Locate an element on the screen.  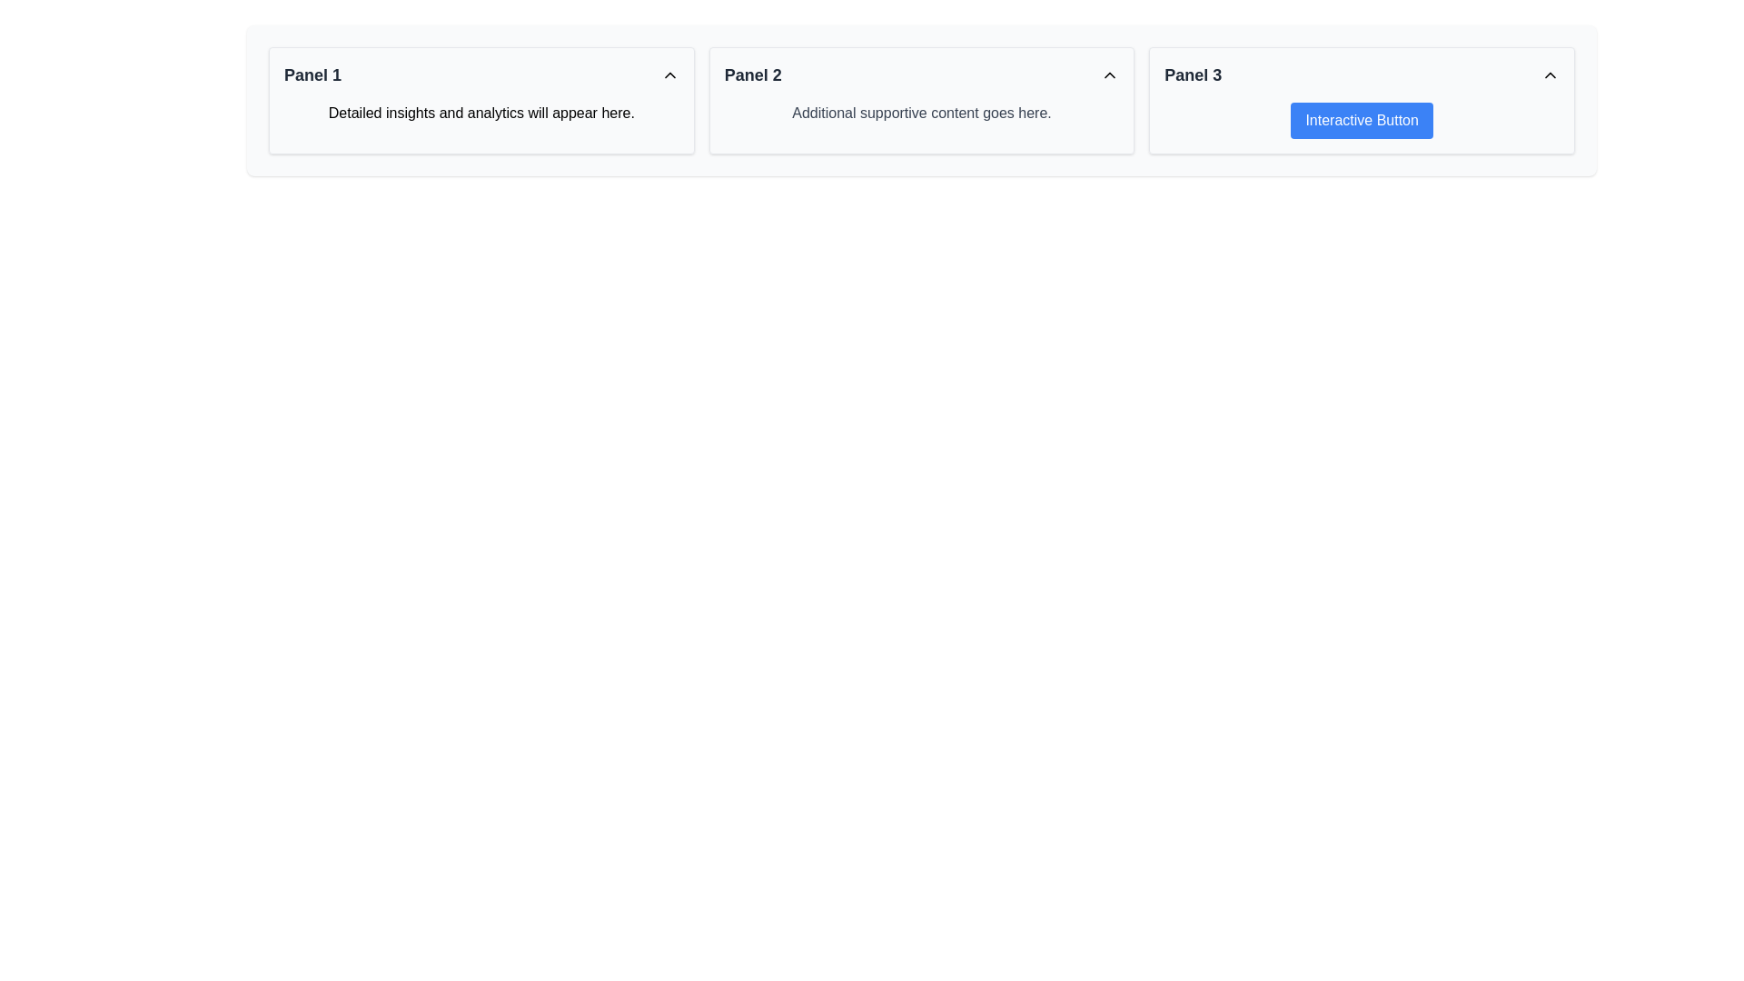
the upward chevron icon of the first panel in the grid layout is located at coordinates (481, 101).